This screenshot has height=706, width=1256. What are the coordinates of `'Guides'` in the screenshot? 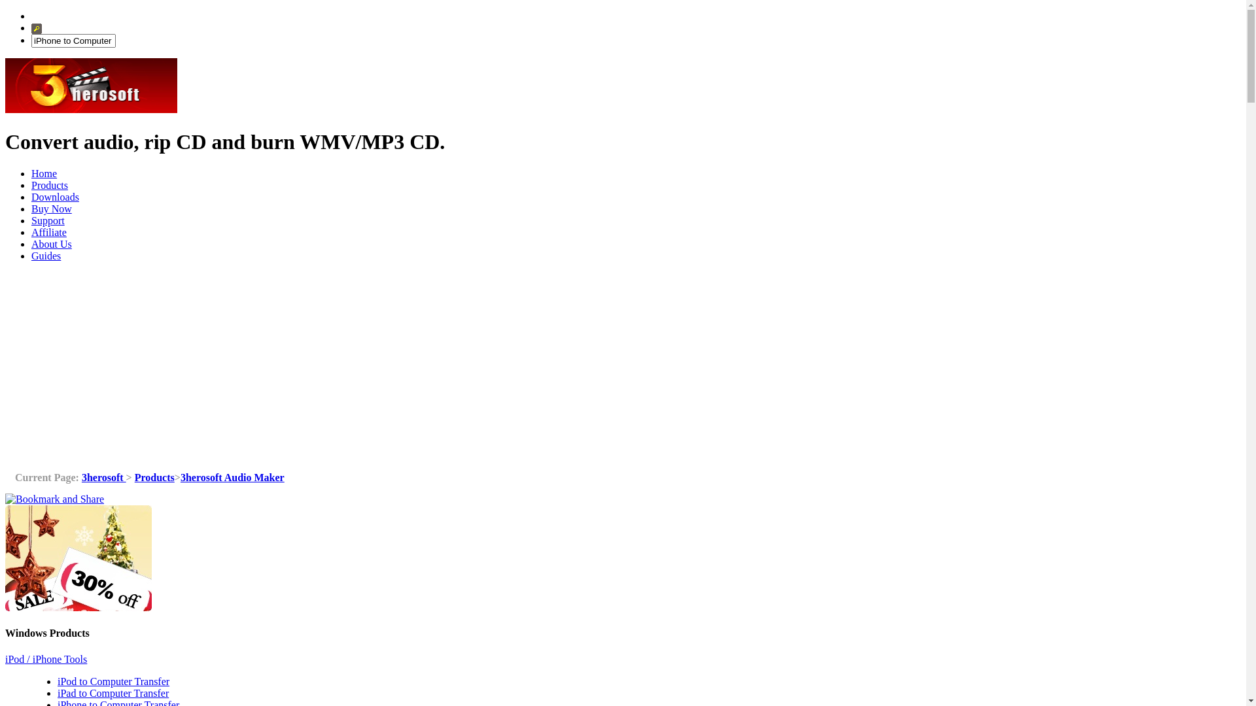 It's located at (46, 256).